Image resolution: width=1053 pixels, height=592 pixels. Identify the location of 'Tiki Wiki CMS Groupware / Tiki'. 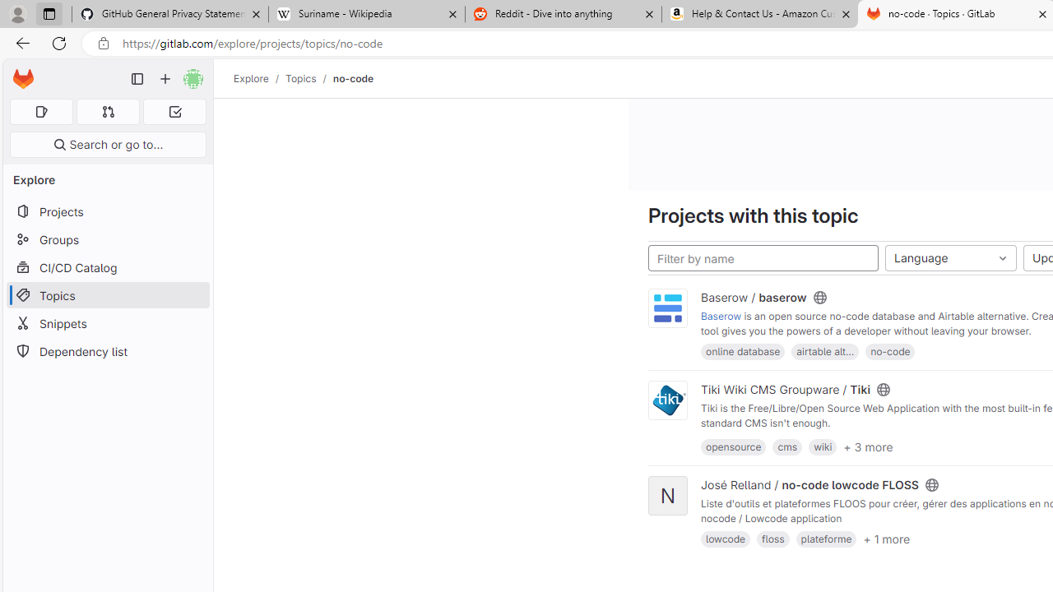
(785, 390).